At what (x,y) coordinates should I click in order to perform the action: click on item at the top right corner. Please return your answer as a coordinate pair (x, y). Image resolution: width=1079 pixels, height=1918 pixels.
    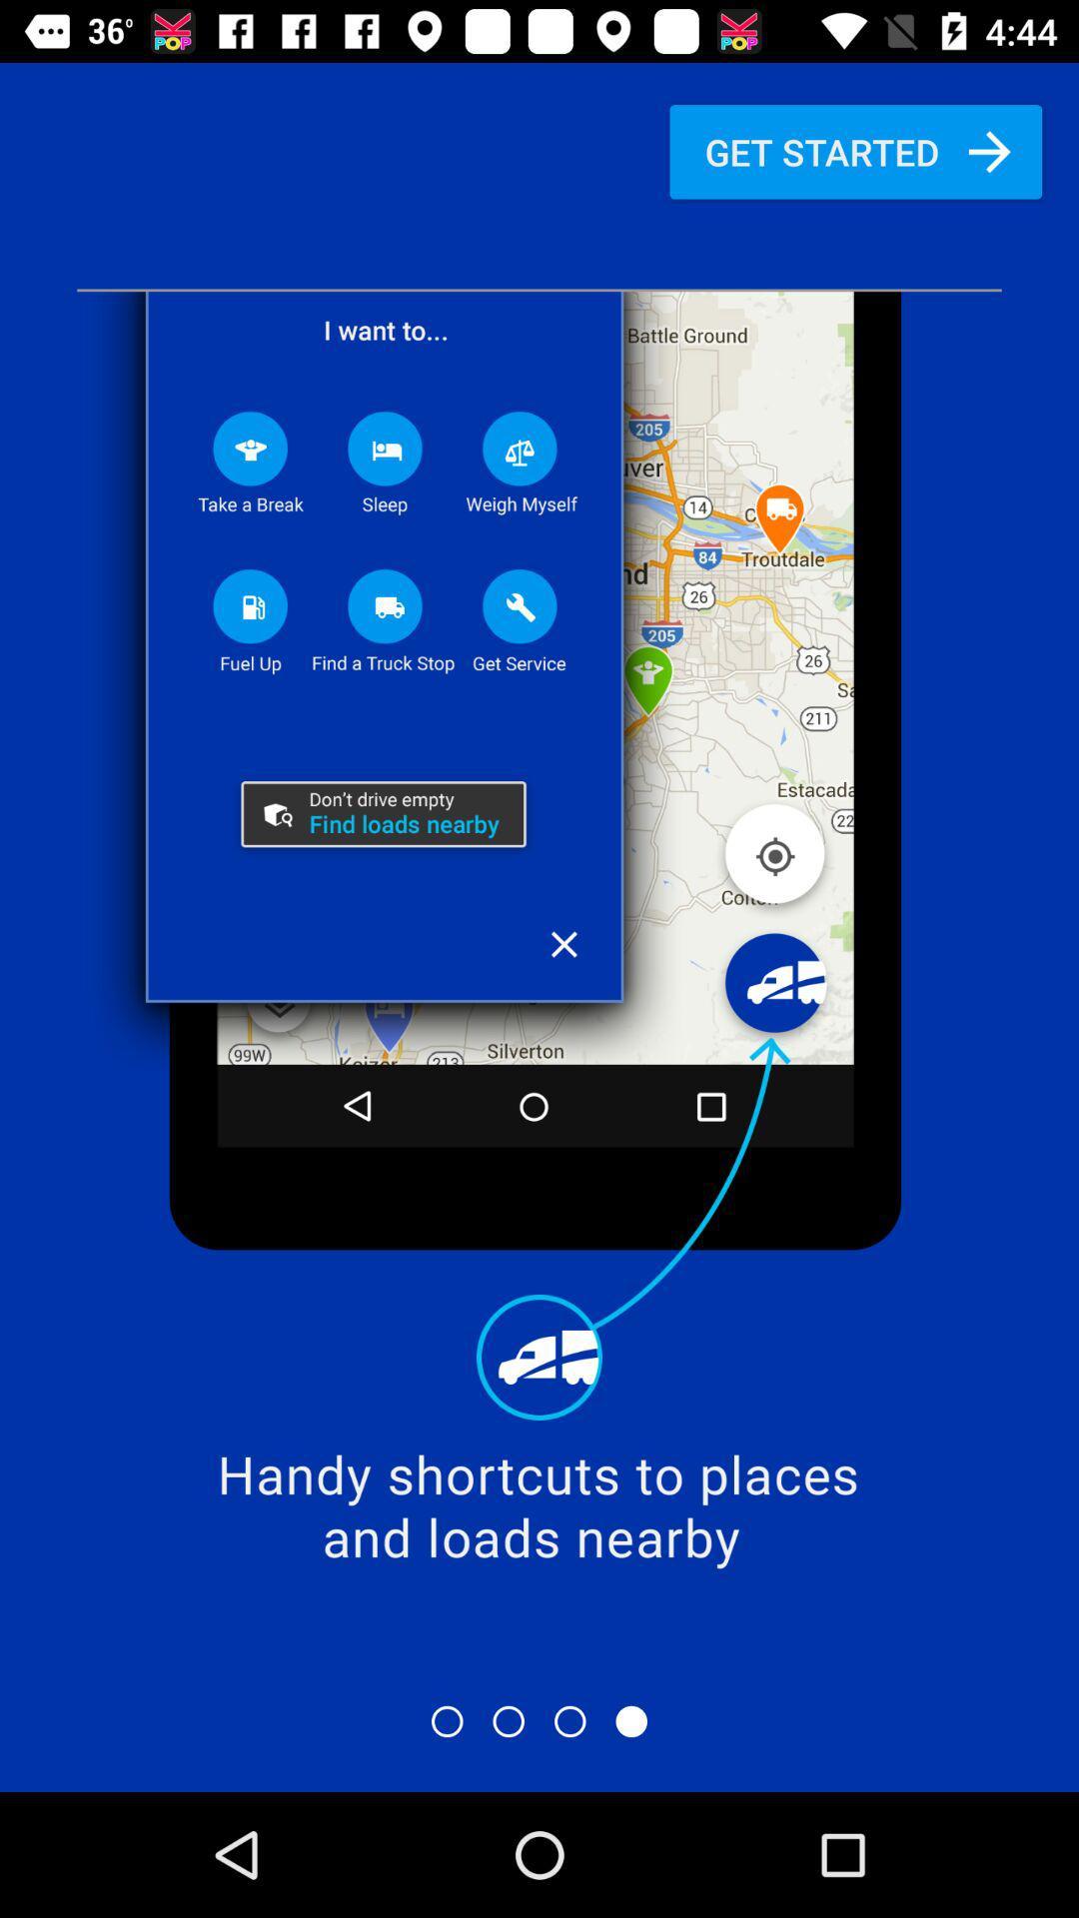
    Looking at the image, I should click on (854, 151).